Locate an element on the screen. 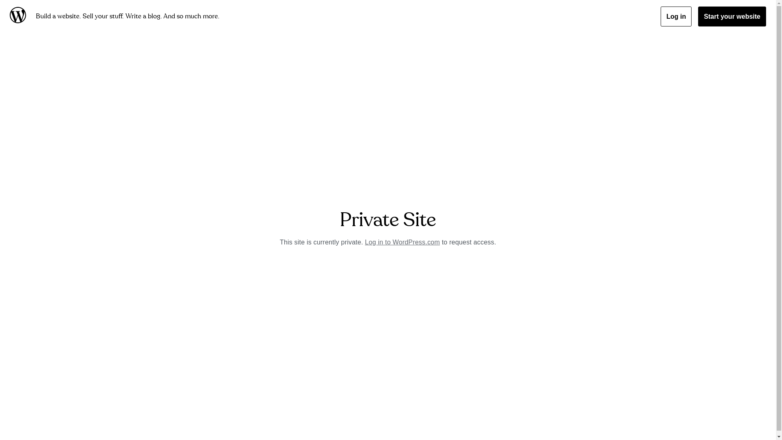  'Log in to WordPress.com' is located at coordinates (402, 242).